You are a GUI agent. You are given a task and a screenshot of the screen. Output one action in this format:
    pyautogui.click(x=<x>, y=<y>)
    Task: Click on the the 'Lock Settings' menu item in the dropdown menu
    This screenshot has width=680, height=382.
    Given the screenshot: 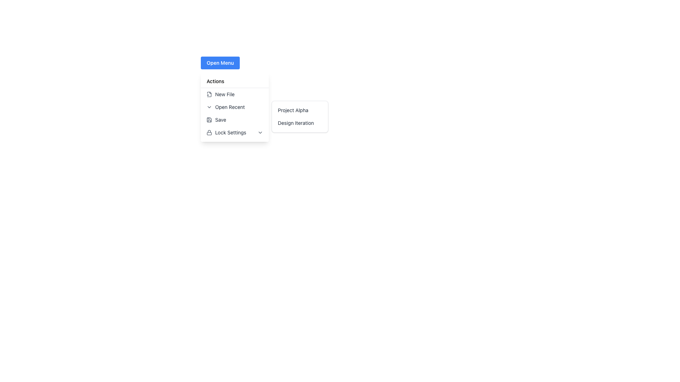 What is the action you would take?
    pyautogui.click(x=235, y=132)
    